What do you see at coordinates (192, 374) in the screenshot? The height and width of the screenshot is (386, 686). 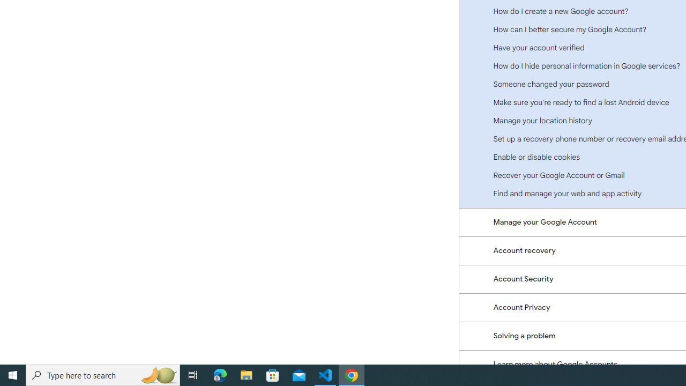 I see `'Task View'` at bounding box center [192, 374].